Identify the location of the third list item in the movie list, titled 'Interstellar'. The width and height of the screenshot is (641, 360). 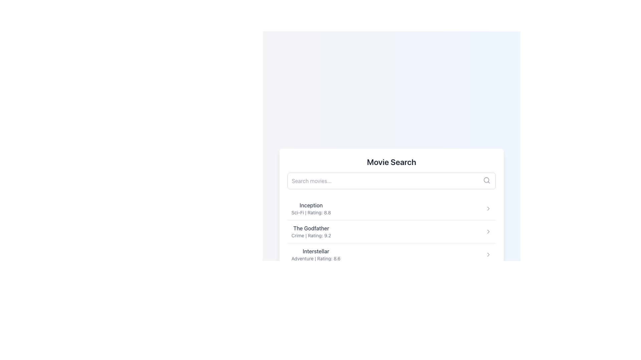
(391, 254).